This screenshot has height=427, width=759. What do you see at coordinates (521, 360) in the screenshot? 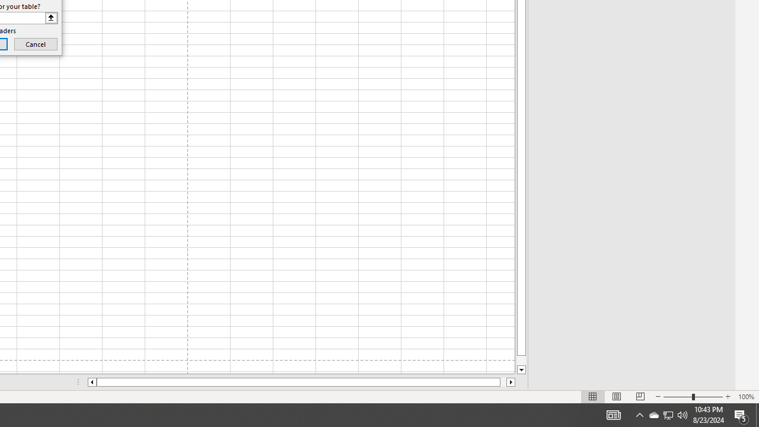
I see `'Page down'` at bounding box center [521, 360].